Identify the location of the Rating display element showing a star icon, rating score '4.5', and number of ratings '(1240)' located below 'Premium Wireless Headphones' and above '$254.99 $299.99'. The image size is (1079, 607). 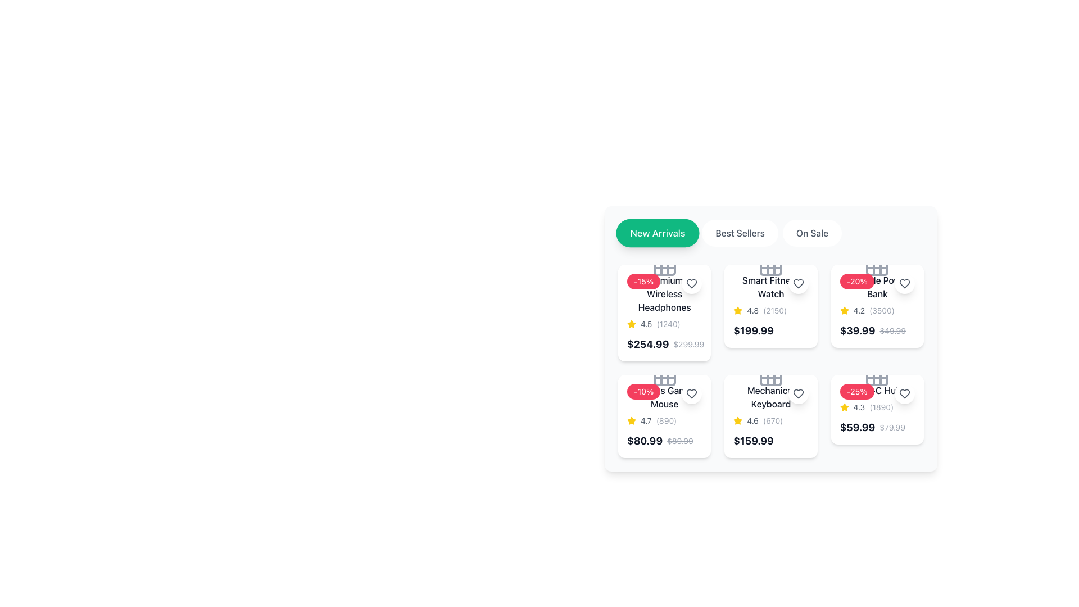
(664, 324).